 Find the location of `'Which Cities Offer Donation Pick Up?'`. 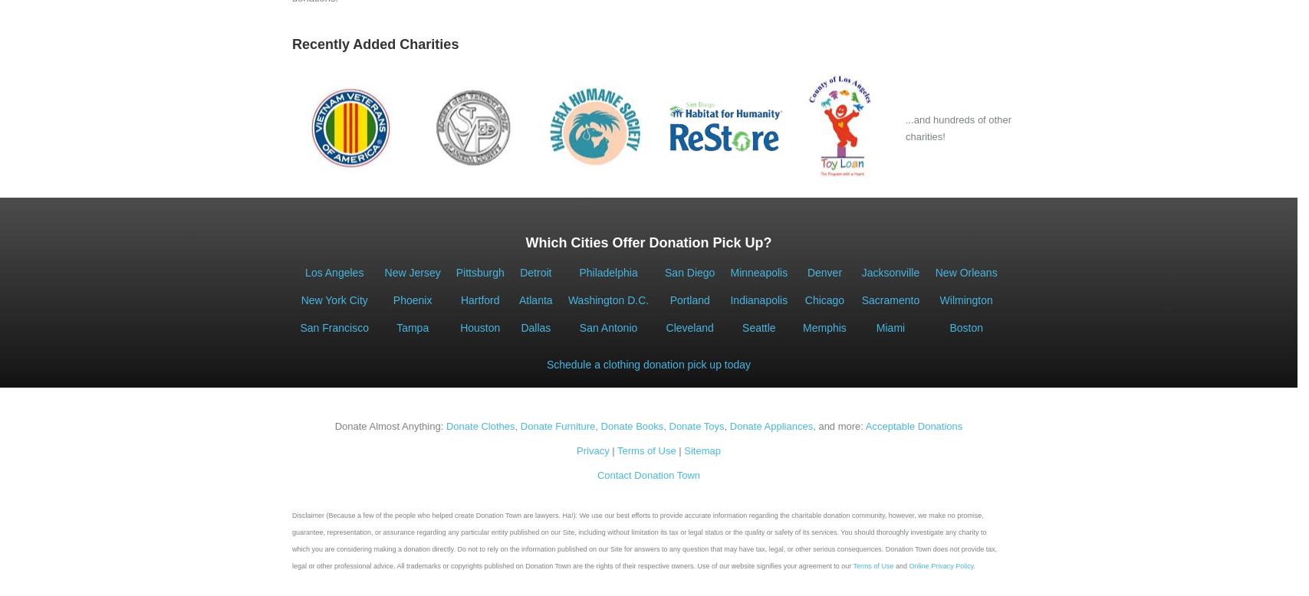

'Which Cities Offer Donation Pick Up?' is located at coordinates (648, 243).